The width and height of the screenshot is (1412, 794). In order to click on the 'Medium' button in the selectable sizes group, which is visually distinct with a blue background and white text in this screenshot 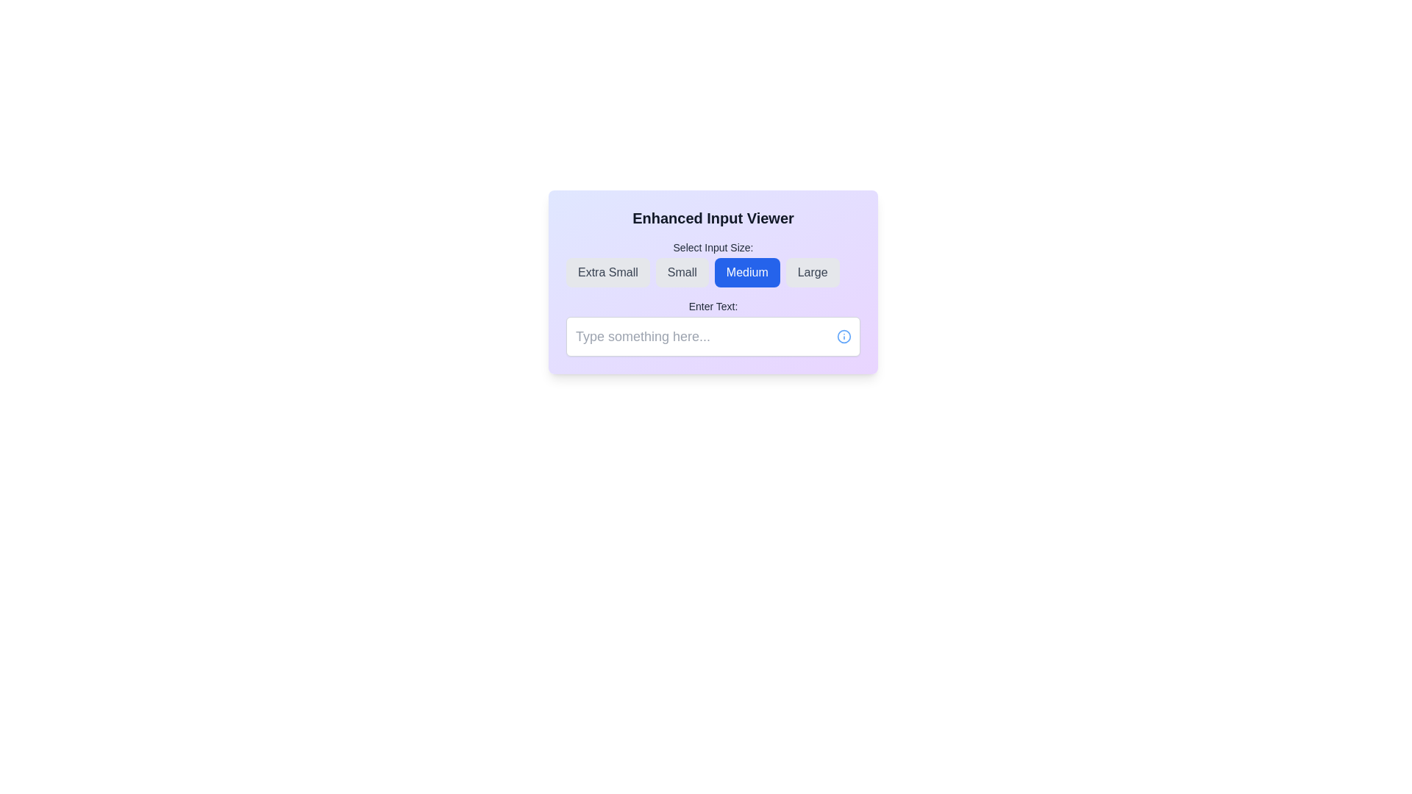, I will do `click(713, 272)`.